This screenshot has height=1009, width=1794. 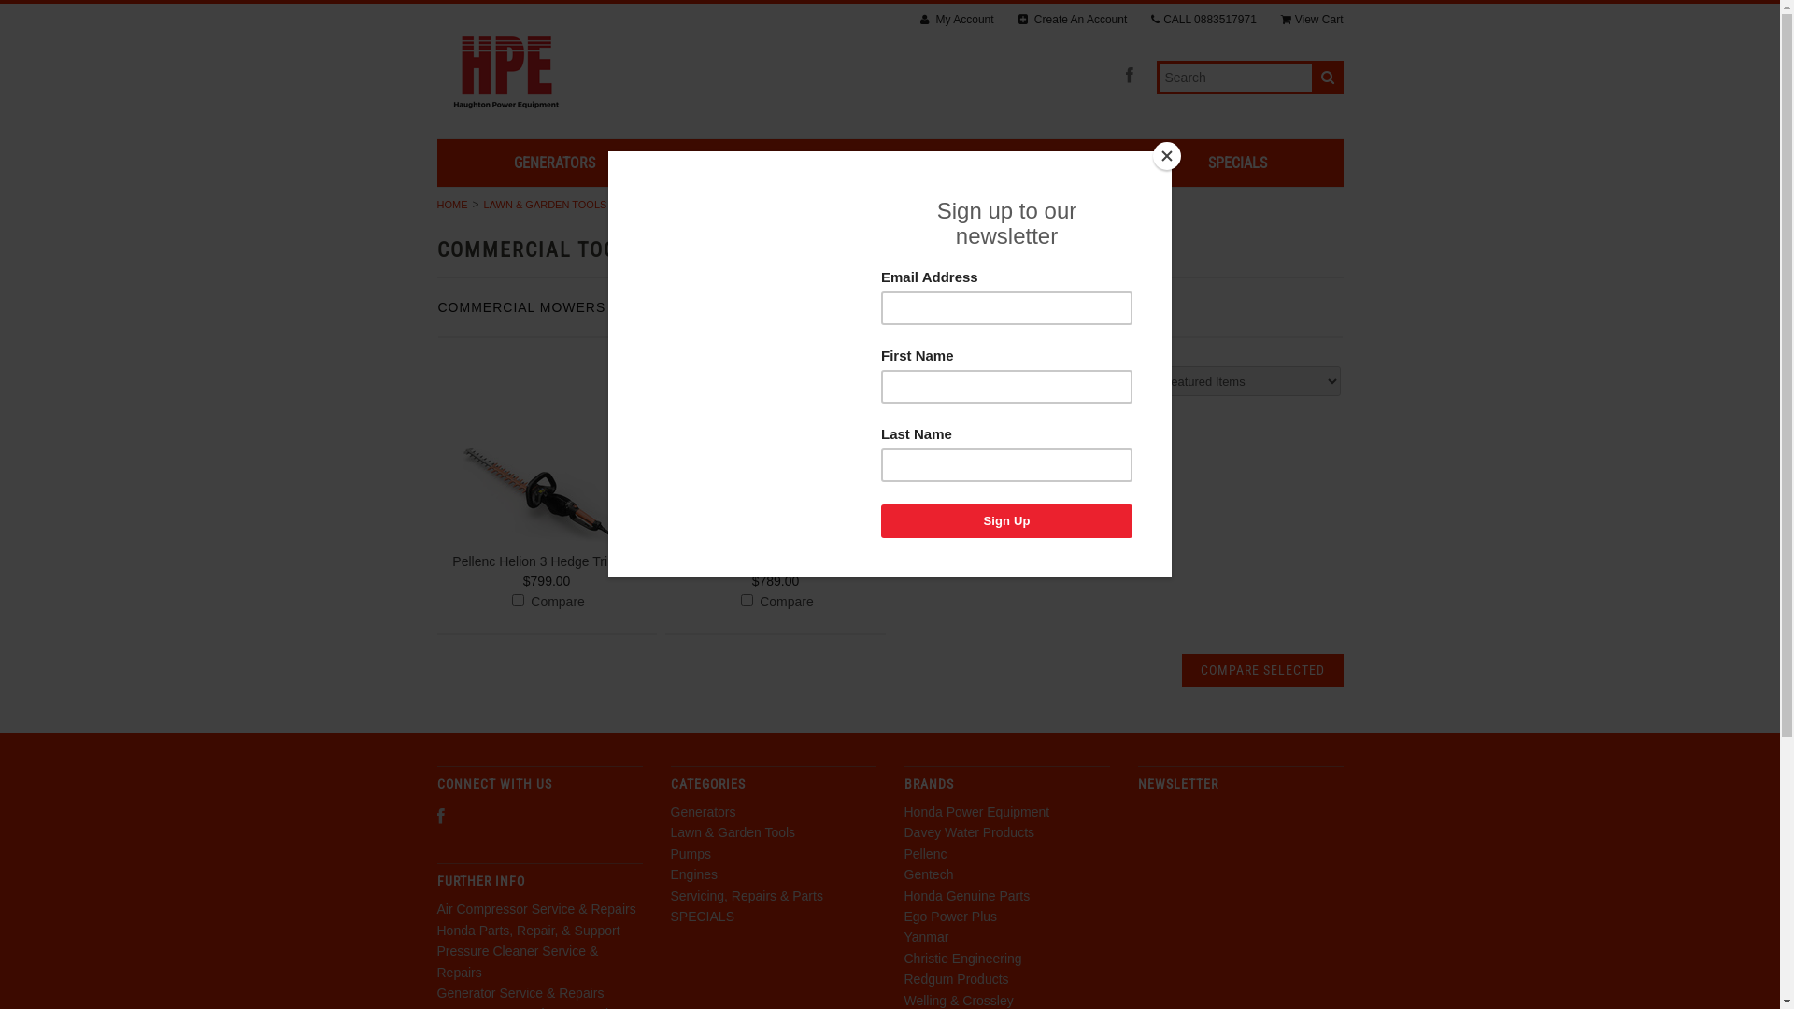 What do you see at coordinates (703, 810) in the screenshot?
I see `'Generators'` at bounding box center [703, 810].